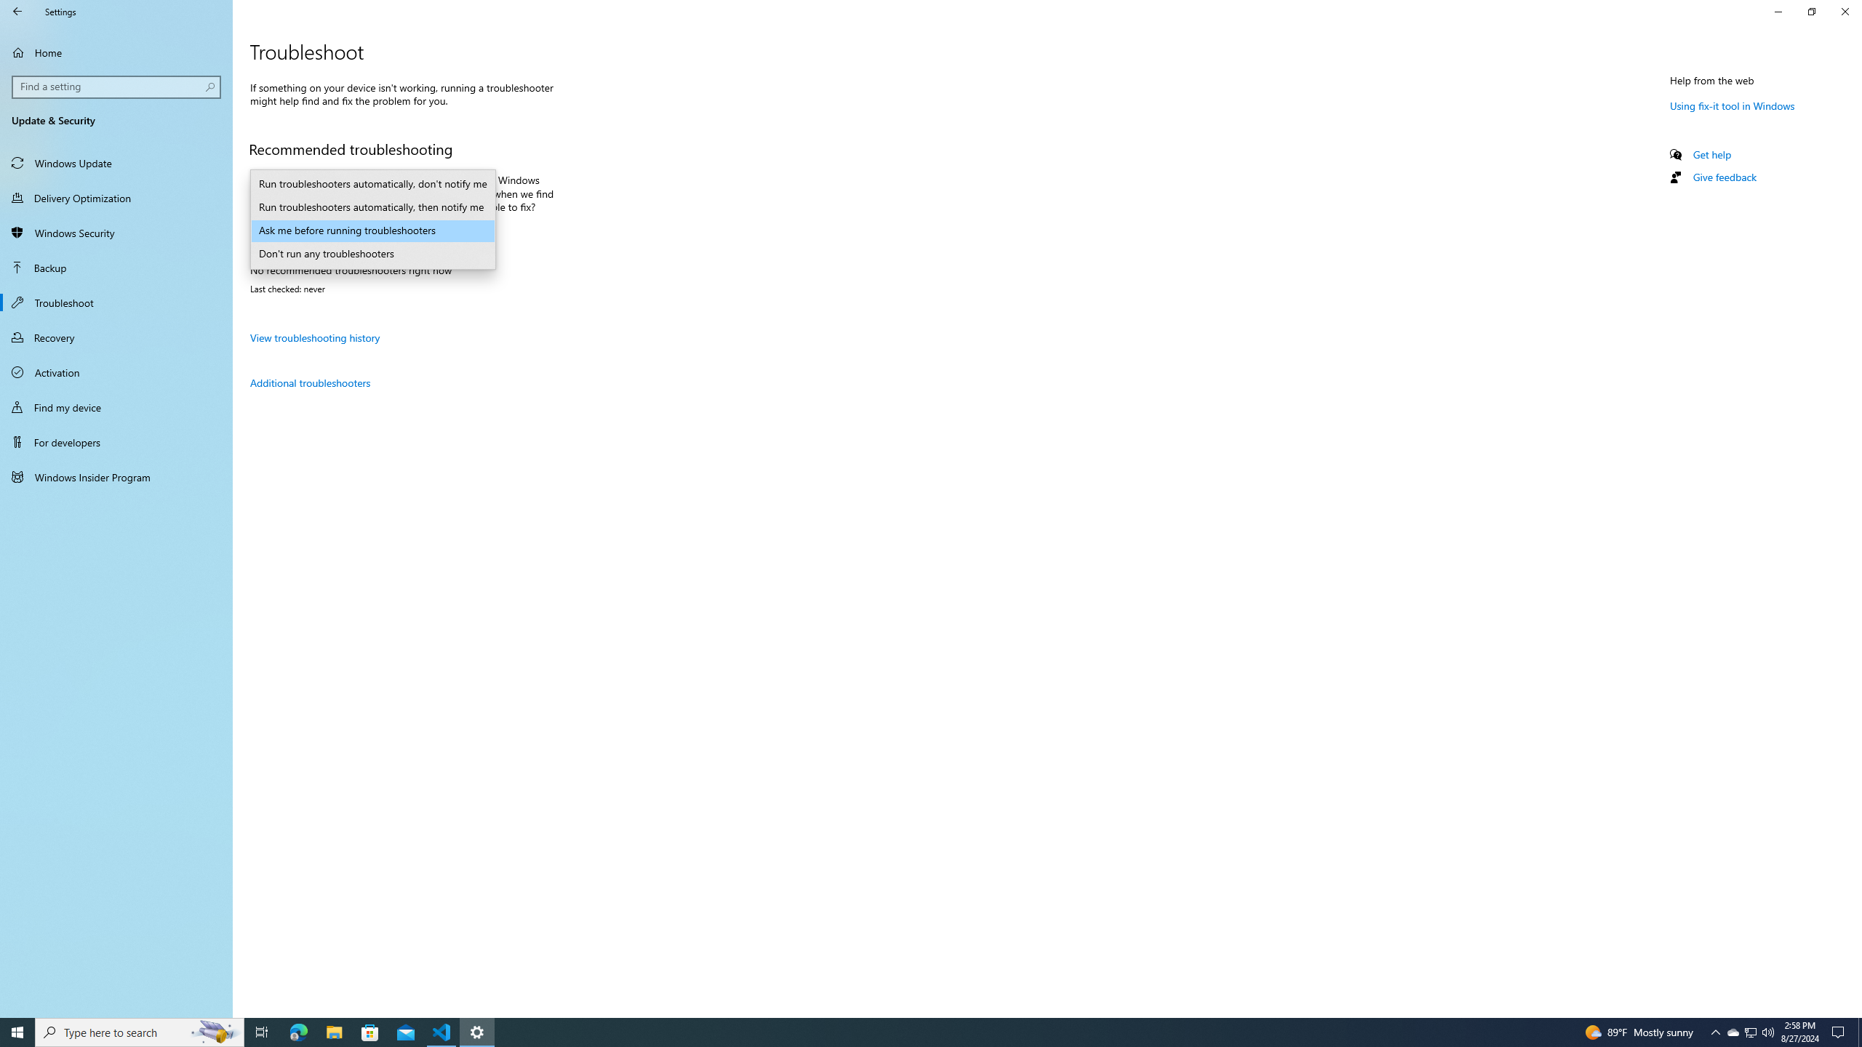 This screenshot has height=1047, width=1862. Describe the element at coordinates (116, 337) in the screenshot. I see `'Recovery'` at that location.